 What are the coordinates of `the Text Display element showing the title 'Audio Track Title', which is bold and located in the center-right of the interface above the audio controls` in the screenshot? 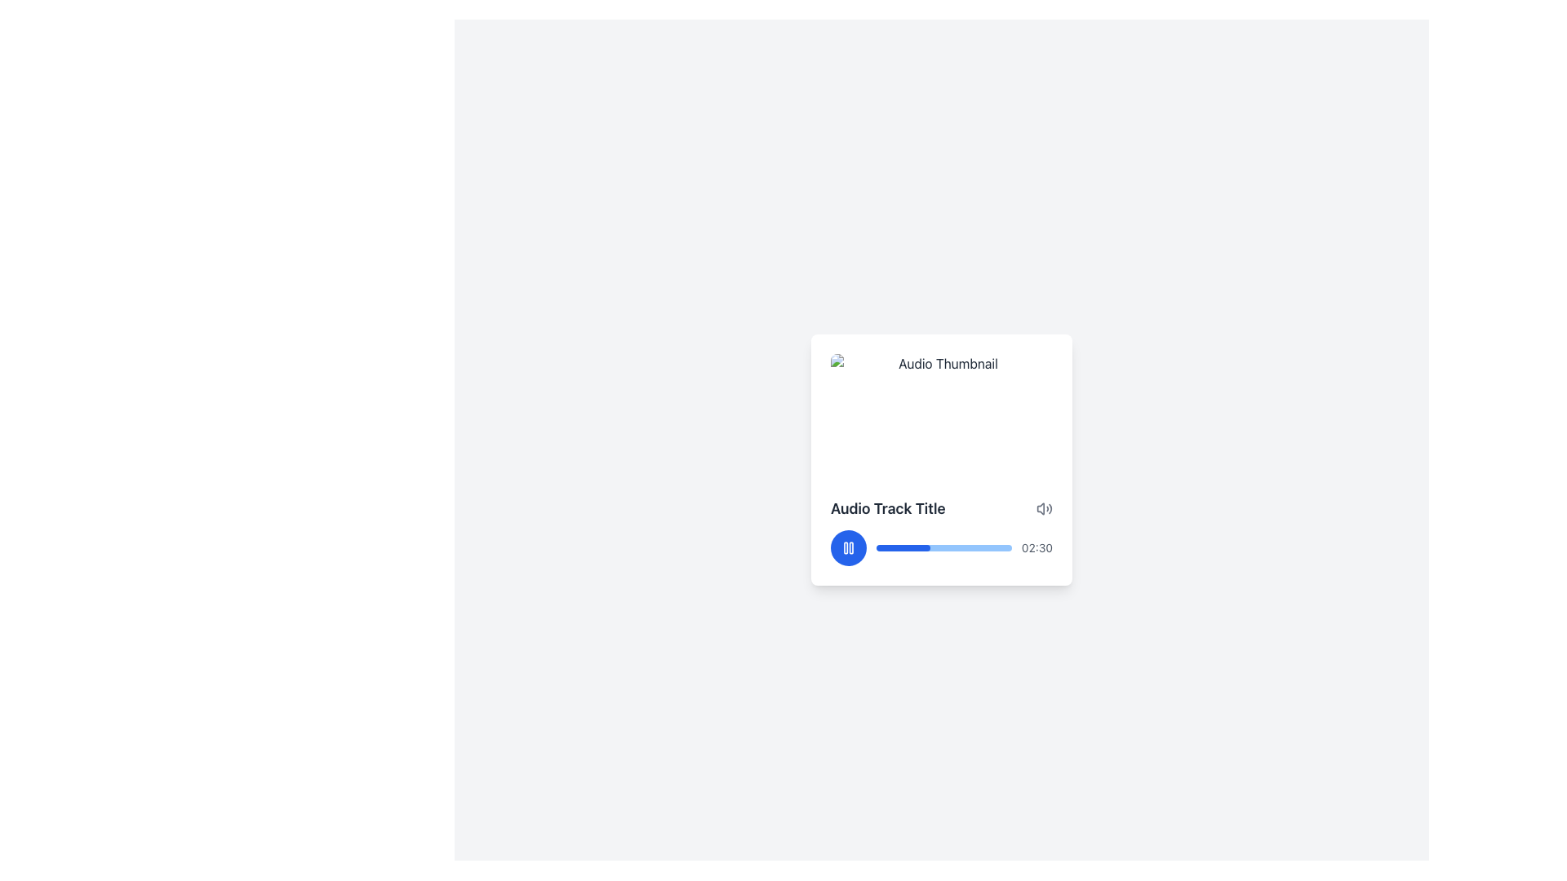 It's located at (941, 508).